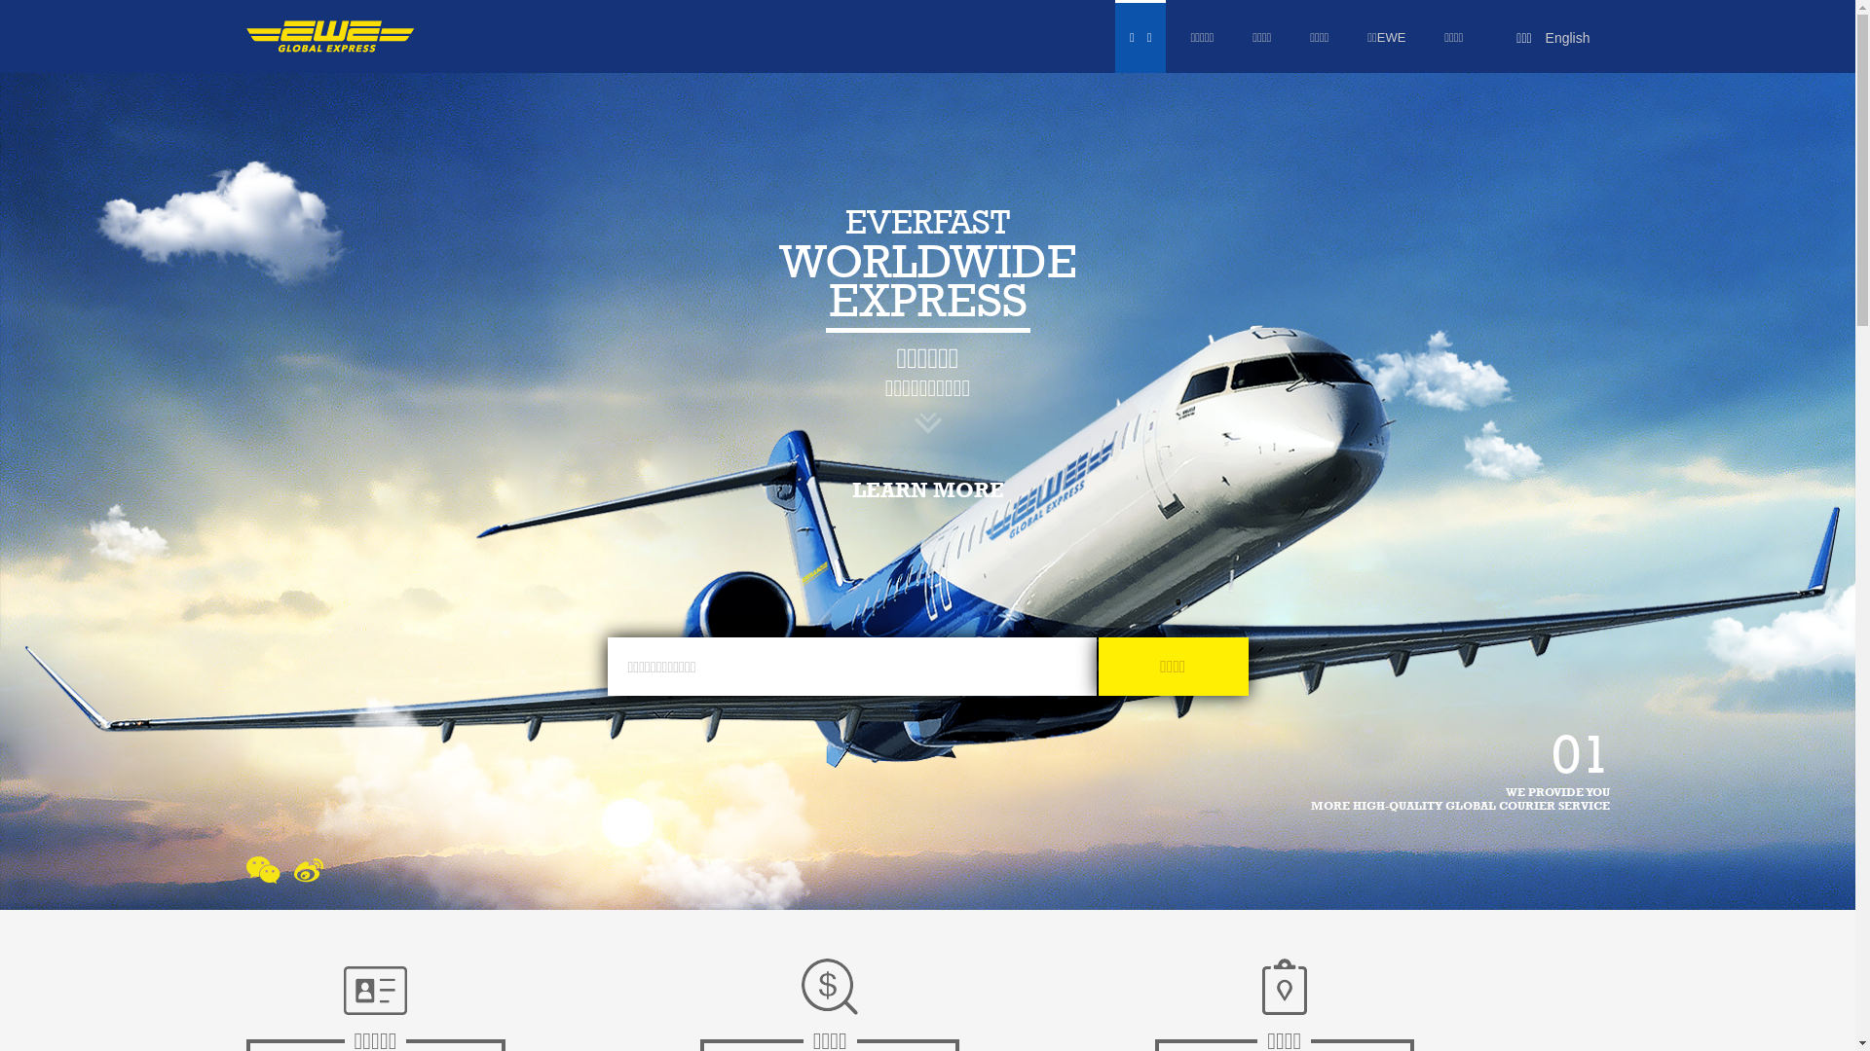  I want to click on 'English', so click(1567, 37).